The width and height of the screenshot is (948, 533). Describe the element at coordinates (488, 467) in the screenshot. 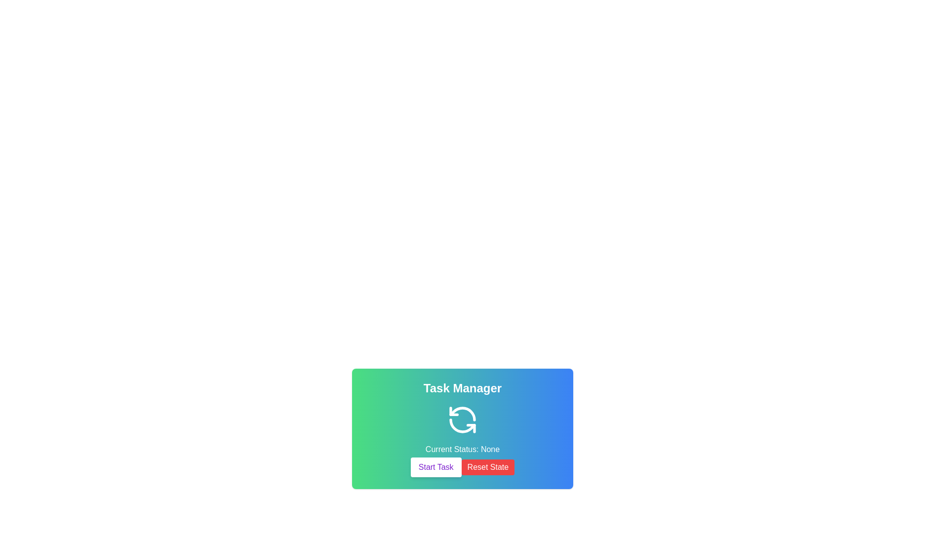

I see `the 'Reset State' button, which has a red background and white text, to observe its color change` at that location.